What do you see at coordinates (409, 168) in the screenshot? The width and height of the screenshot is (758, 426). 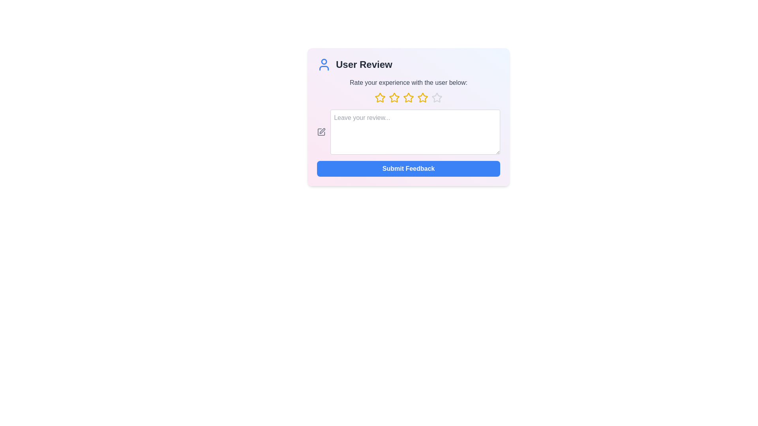 I see `'Submit Feedback' button to submit the review` at bounding box center [409, 168].